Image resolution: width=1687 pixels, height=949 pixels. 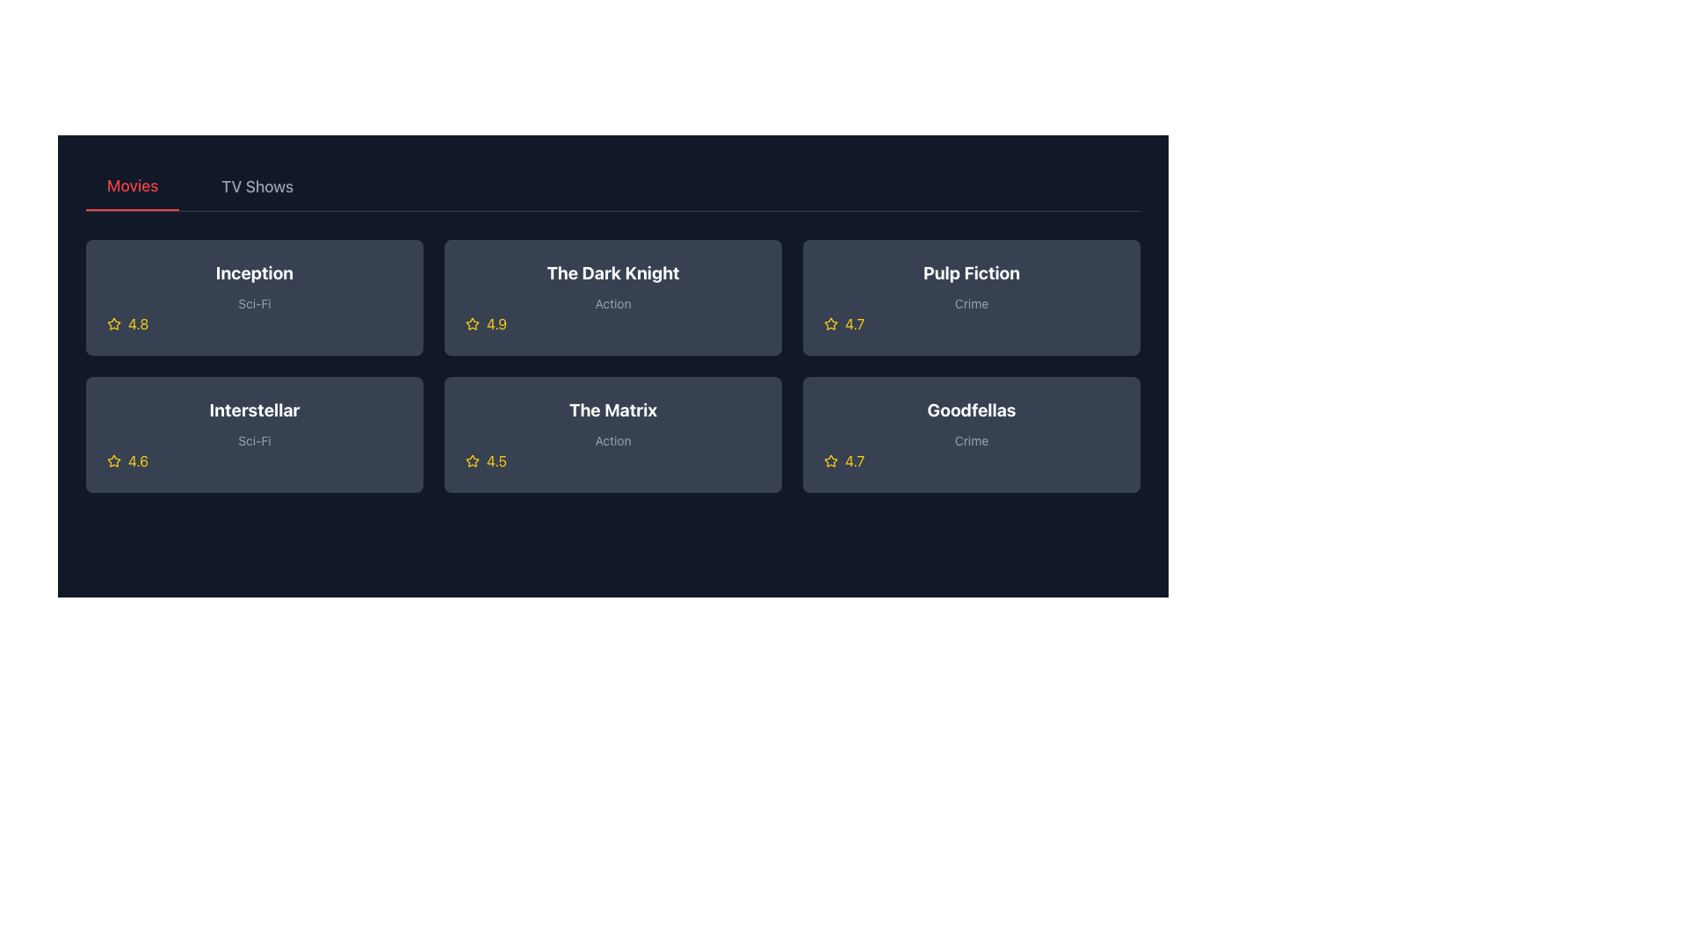 I want to click on the play button SVG graphic element representing the movie 'The Dark Knight', so click(x=555, y=297).